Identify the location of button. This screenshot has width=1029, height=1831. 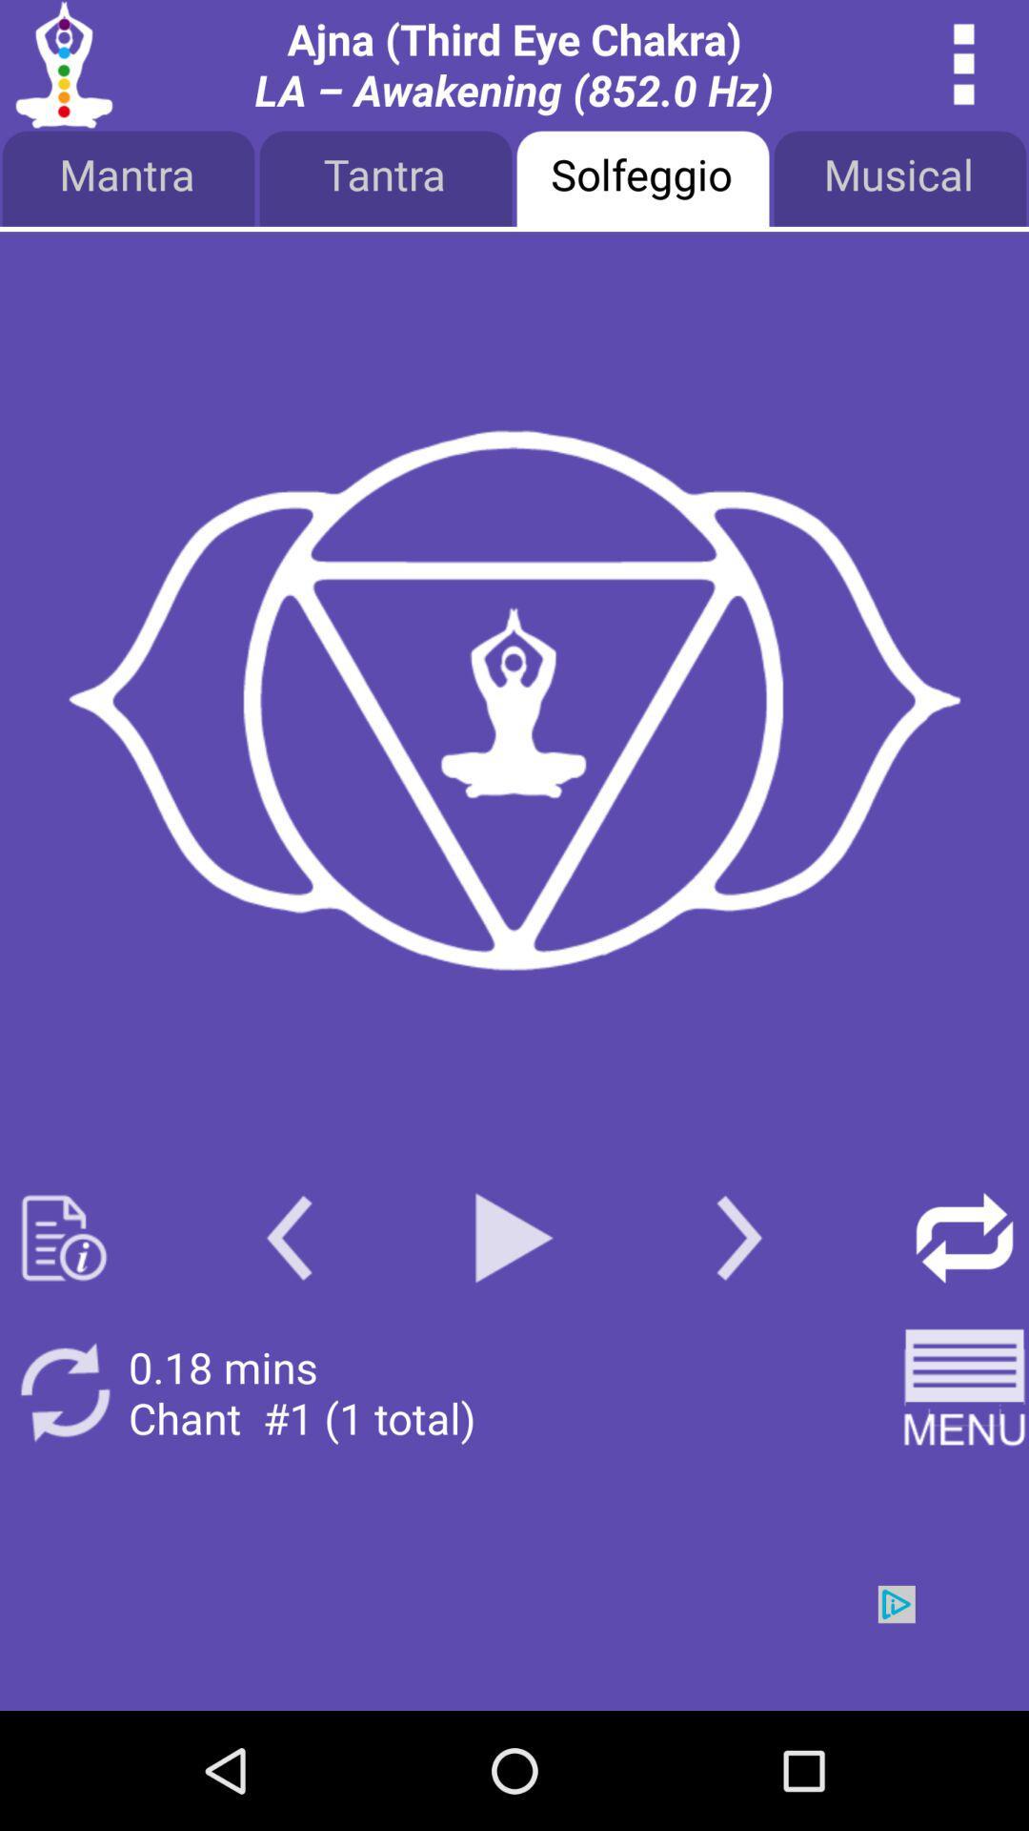
(514, 1238).